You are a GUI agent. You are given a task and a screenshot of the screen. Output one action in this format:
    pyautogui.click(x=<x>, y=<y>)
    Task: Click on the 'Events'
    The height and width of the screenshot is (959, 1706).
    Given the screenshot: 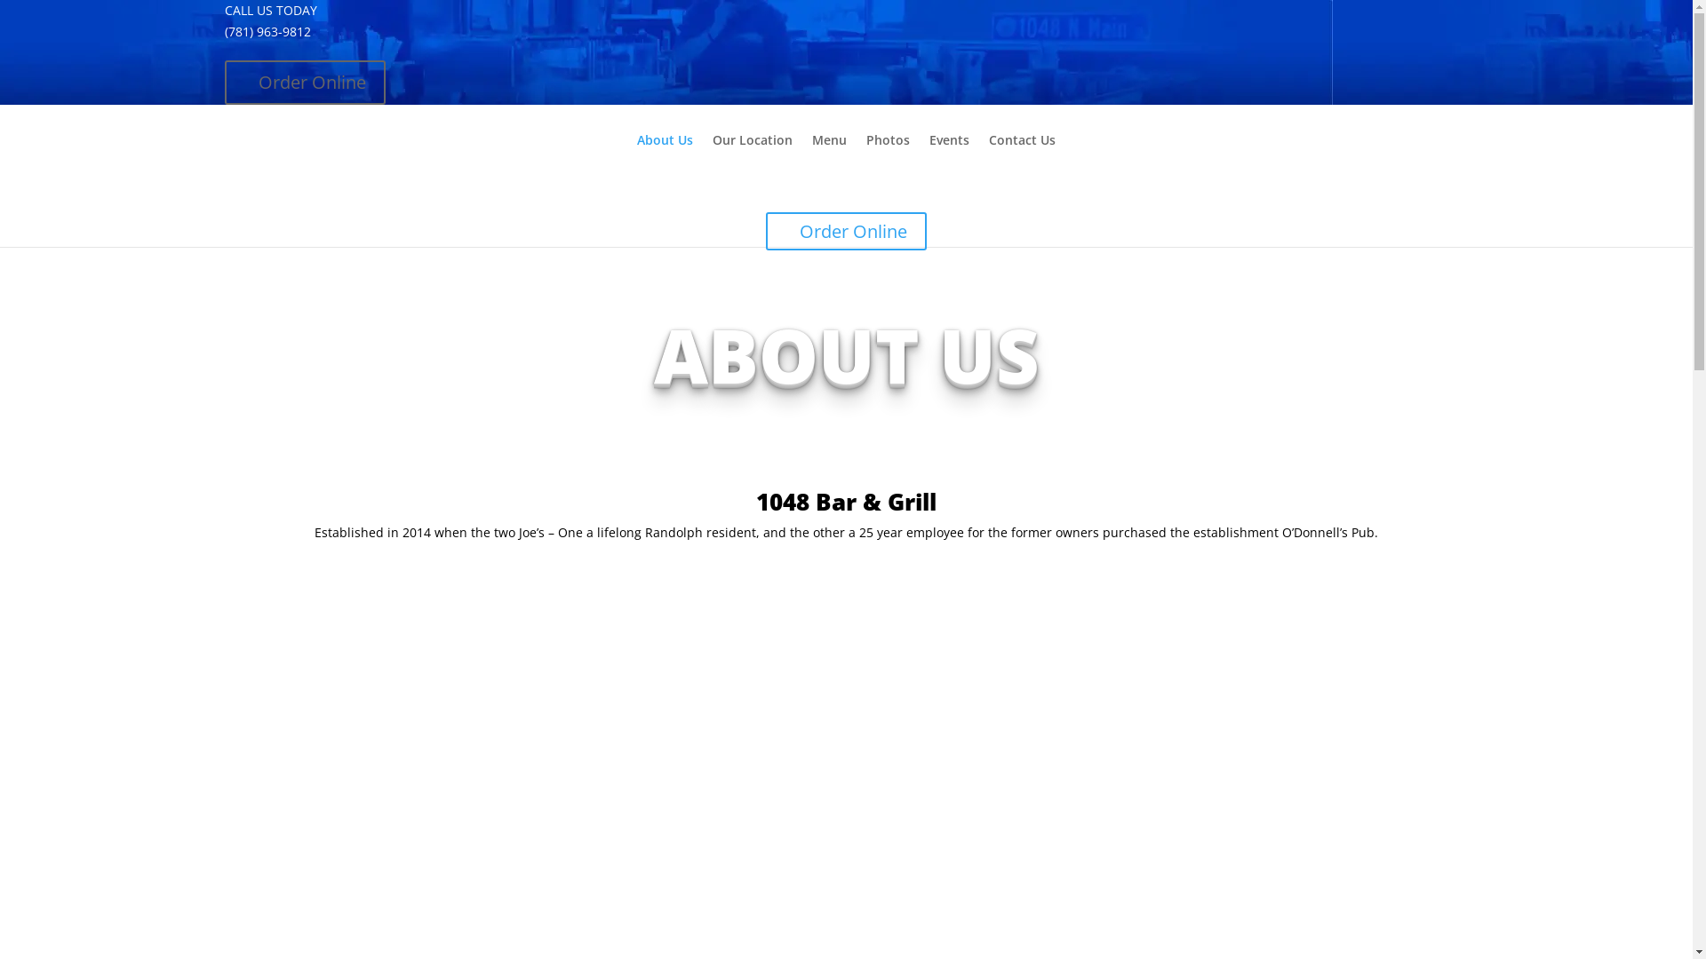 What is the action you would take?
    pyautogui.click(x=948, y=154)
    